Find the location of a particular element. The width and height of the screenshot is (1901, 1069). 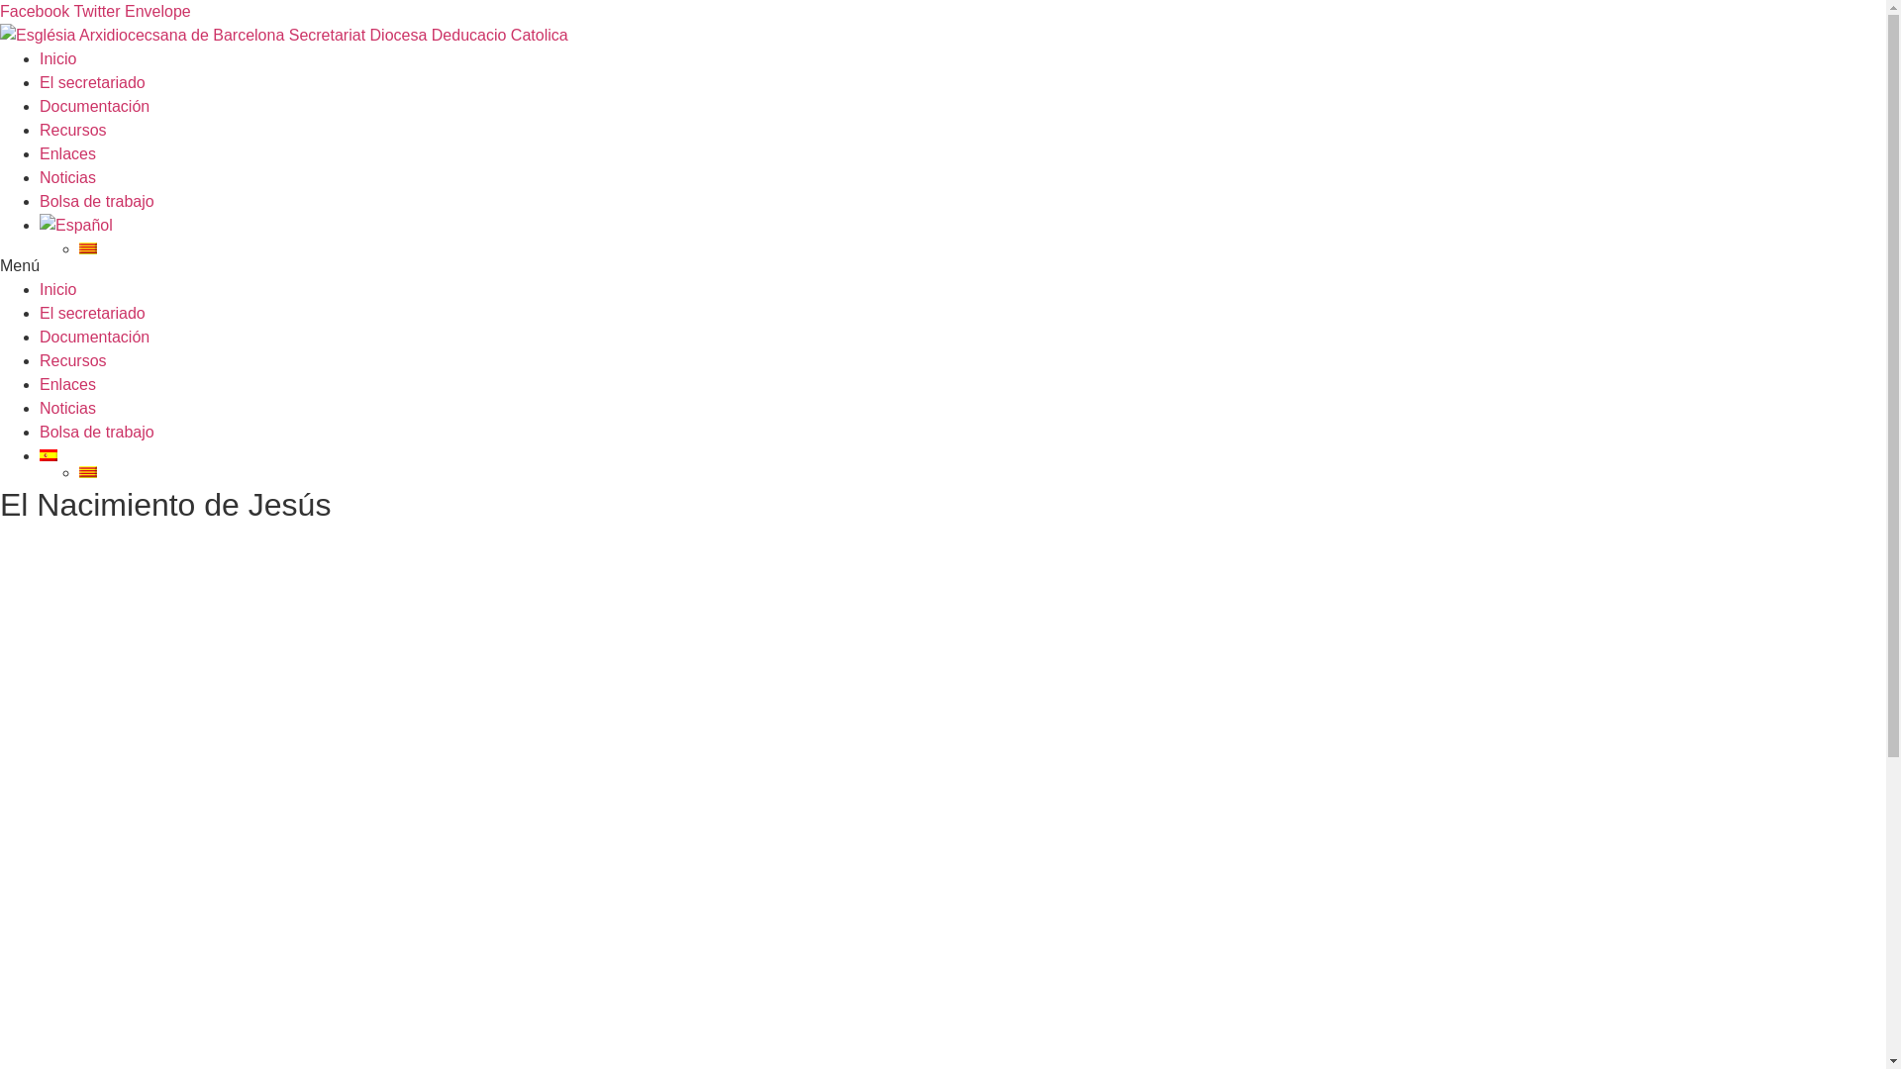

'Inicio' is located at coordinates (57, 57).